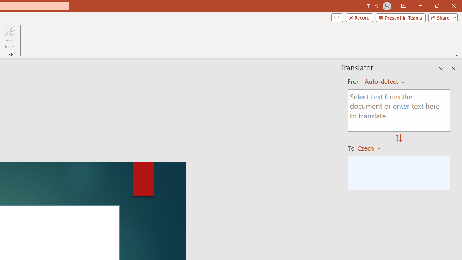  Describe the element at coordinates (398, 139) in the screenshot. I see `'Swap "from" and "to" languages.'` at that location.